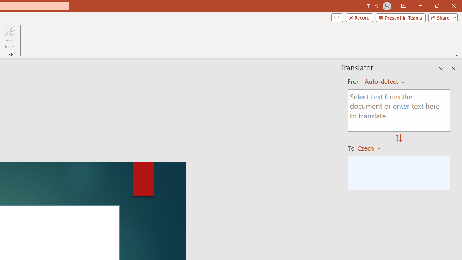  Describe the element at coordinates (398, 139) in the screenshot. I see `'Swap "from" and "to" languages.'` at that location.